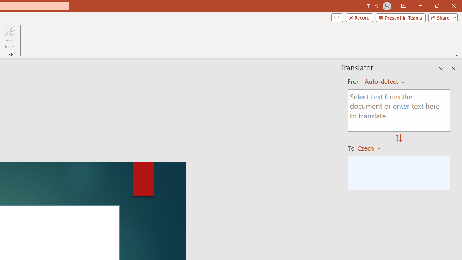  Describe the element at coordinates (398, 139) in the screenshot. I see `'Swap "from" and "to" languages.'` at that location.